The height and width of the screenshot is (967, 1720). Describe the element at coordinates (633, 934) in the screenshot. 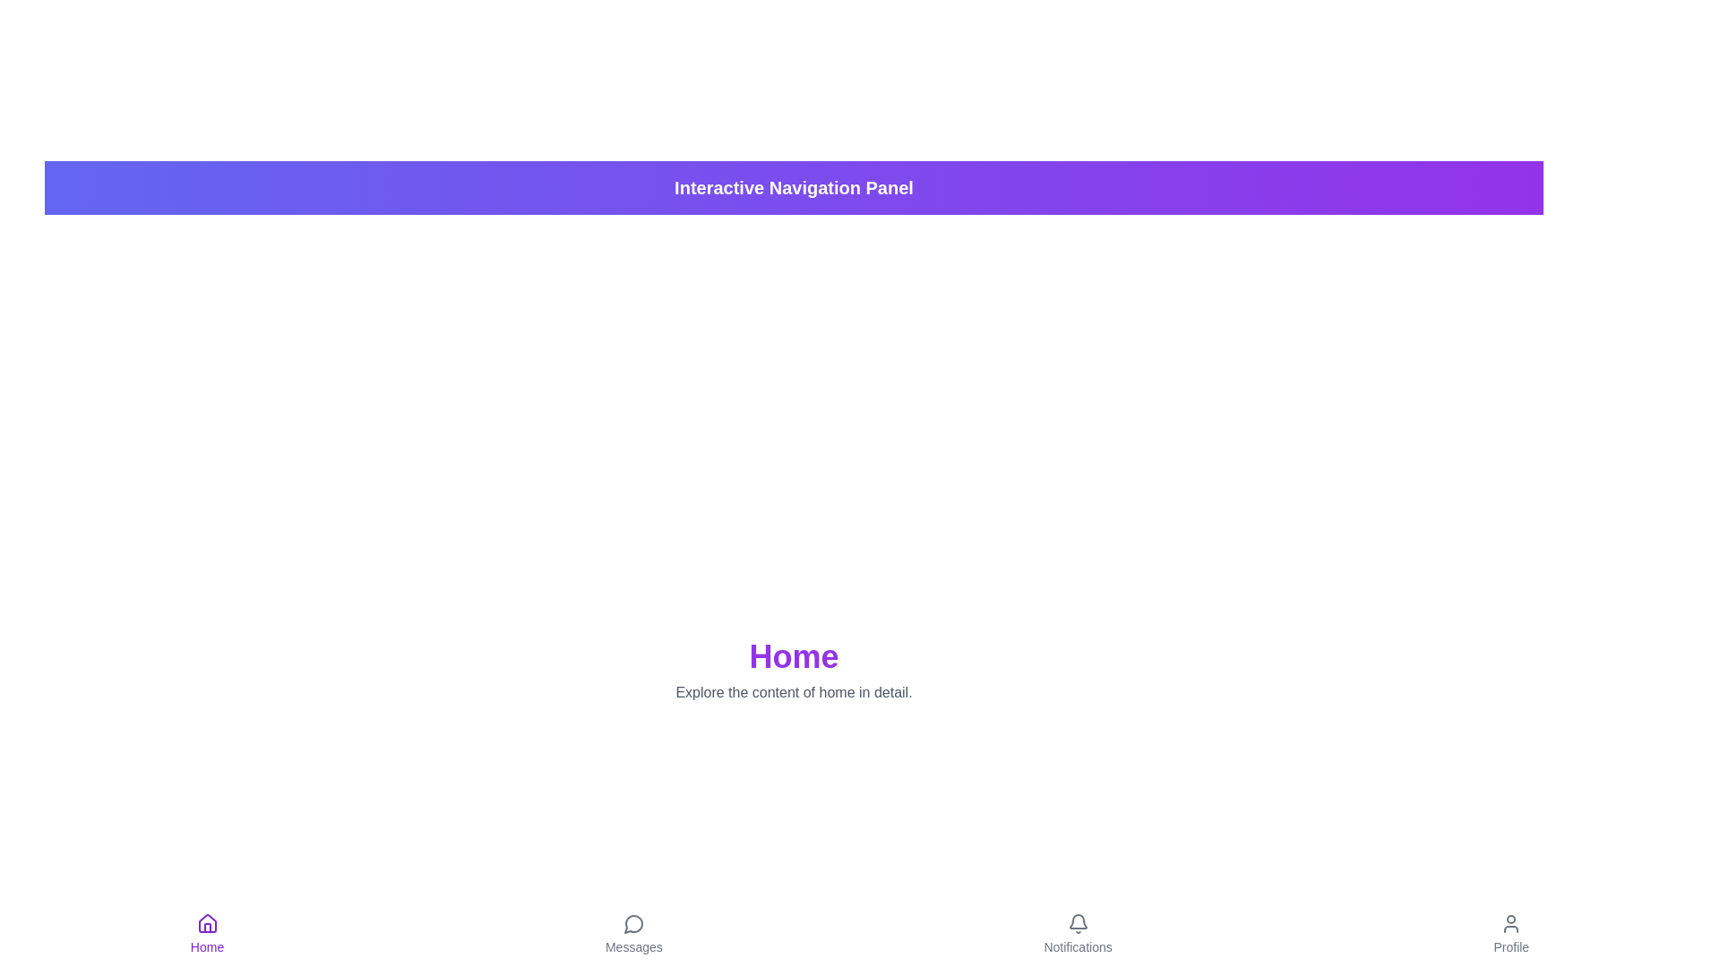

I see `the Messages navigation icon to trigger its visual feedback` at that location.